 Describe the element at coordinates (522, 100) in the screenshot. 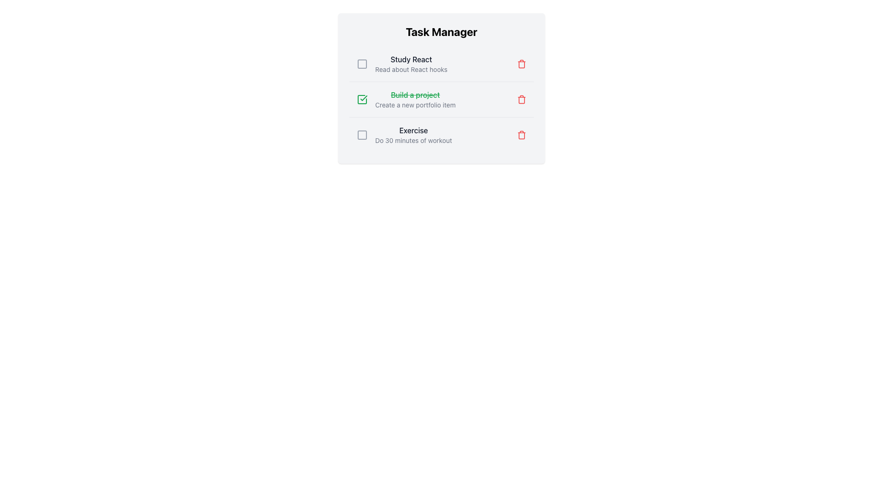

I see `the red trash icon button located to the right of the 'Build a project' task` at that location.